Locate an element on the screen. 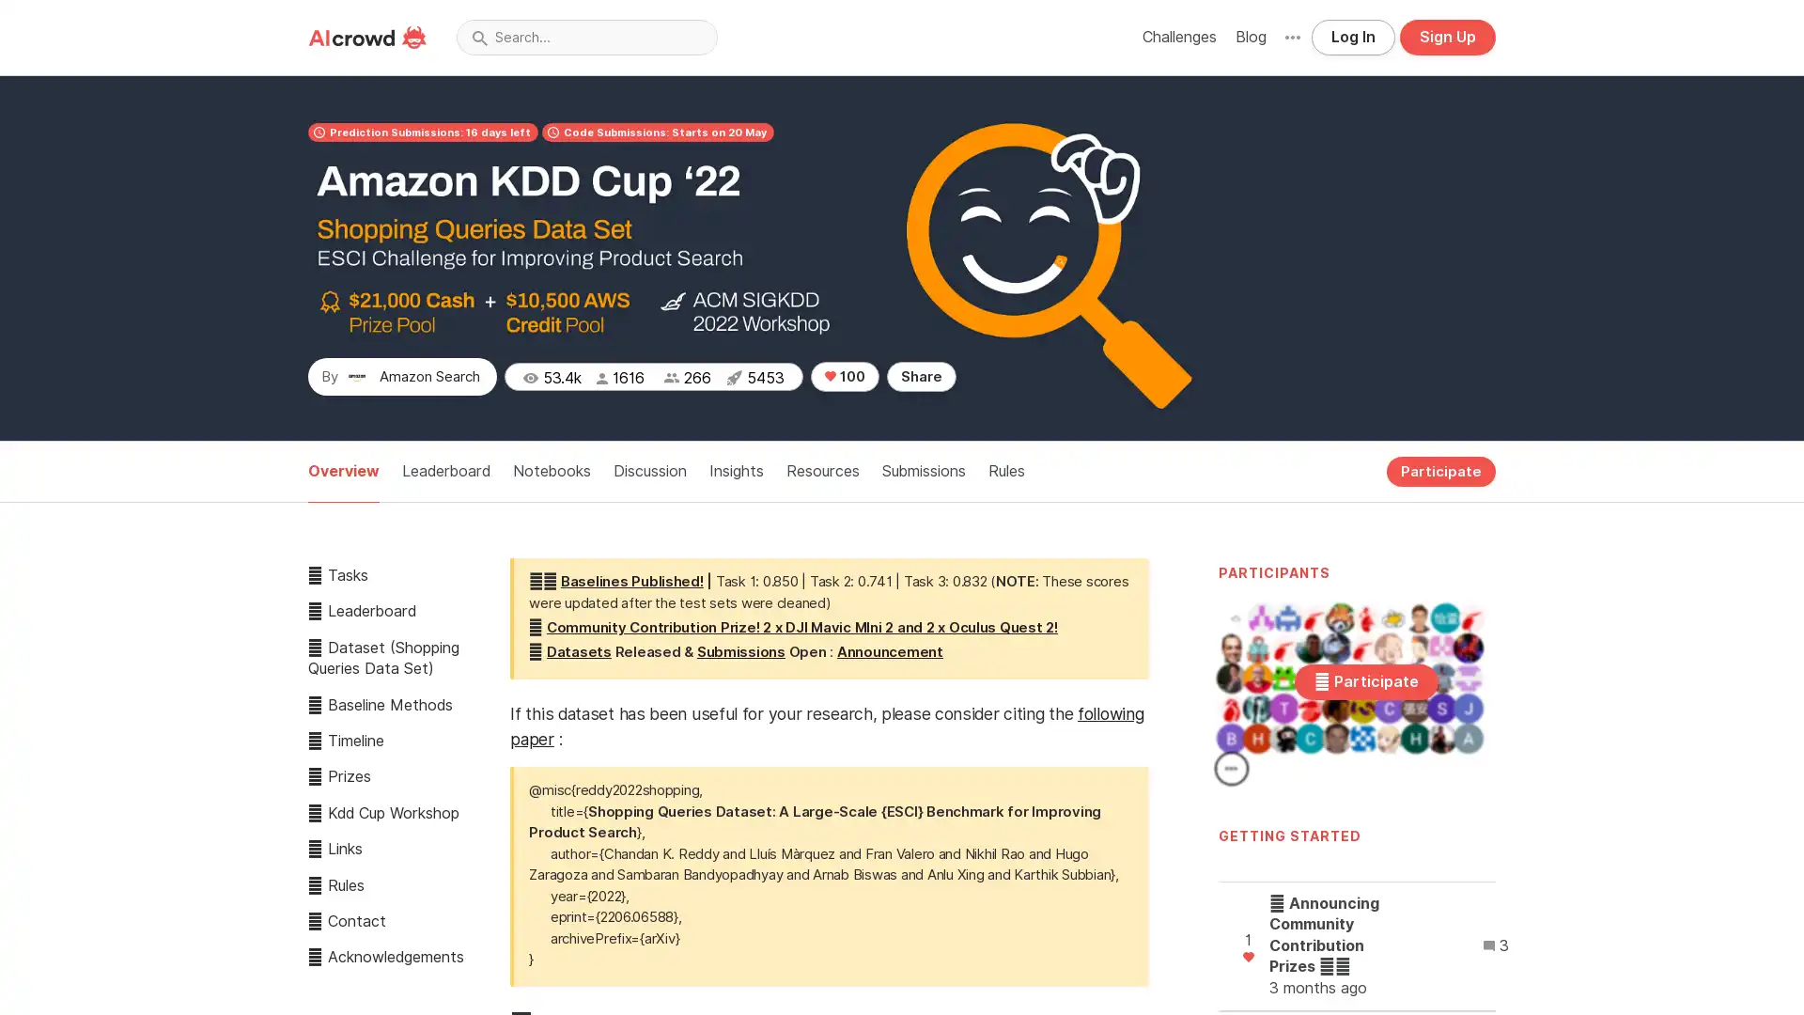  Log In is located at coordinates (1353, 37).